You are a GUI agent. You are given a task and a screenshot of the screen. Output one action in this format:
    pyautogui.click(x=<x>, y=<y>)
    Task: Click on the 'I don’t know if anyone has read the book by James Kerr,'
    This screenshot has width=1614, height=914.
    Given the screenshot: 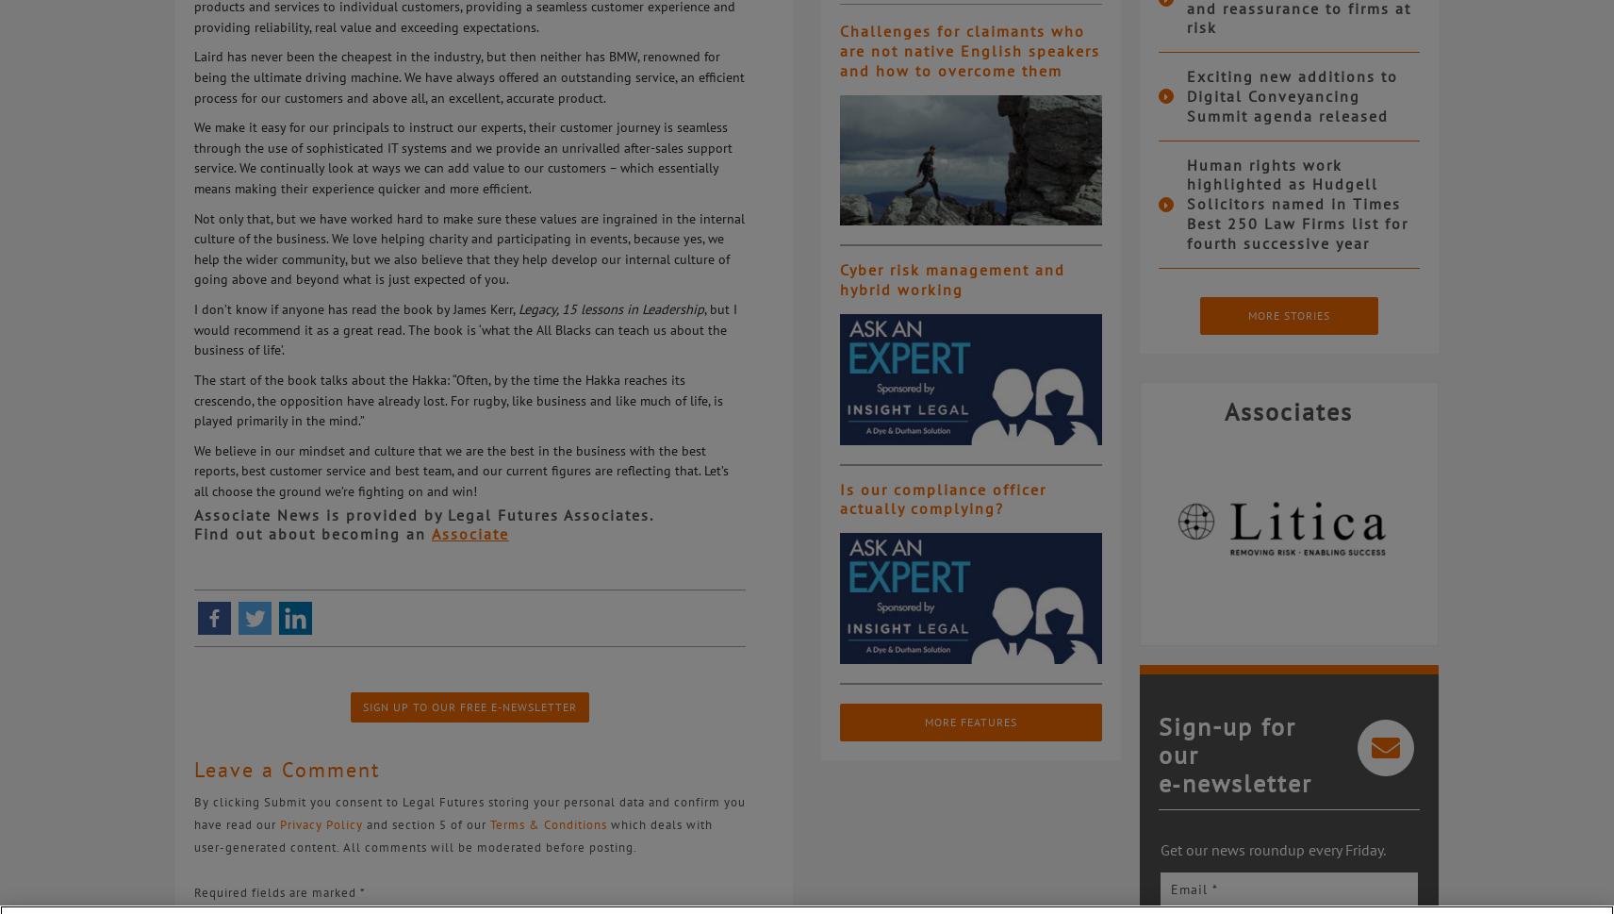 What is the action you would take?
    pyautogui.click(x=356, y=307)
    